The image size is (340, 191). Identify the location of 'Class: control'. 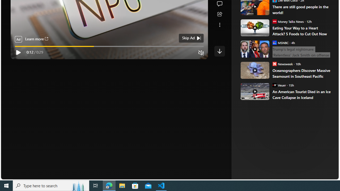
(219, 51).